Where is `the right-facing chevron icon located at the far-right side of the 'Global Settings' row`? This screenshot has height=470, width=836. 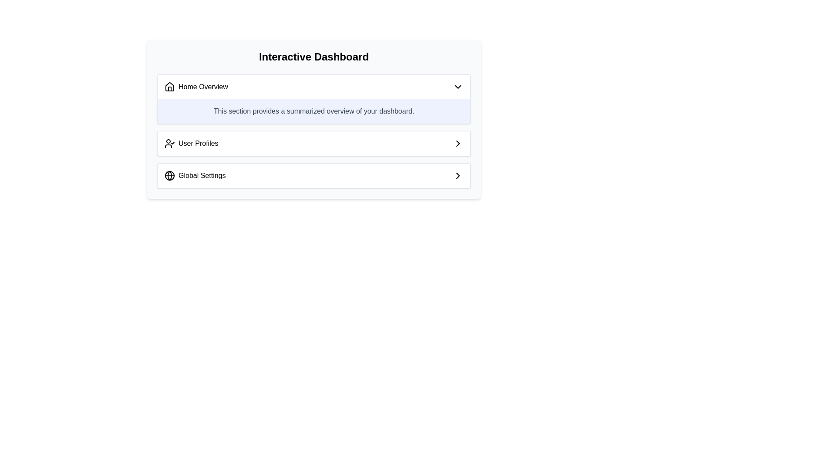
the right-facing chevron icon located at the far-right side of the 'Global Settings' row is located at coordinates (457, 176).